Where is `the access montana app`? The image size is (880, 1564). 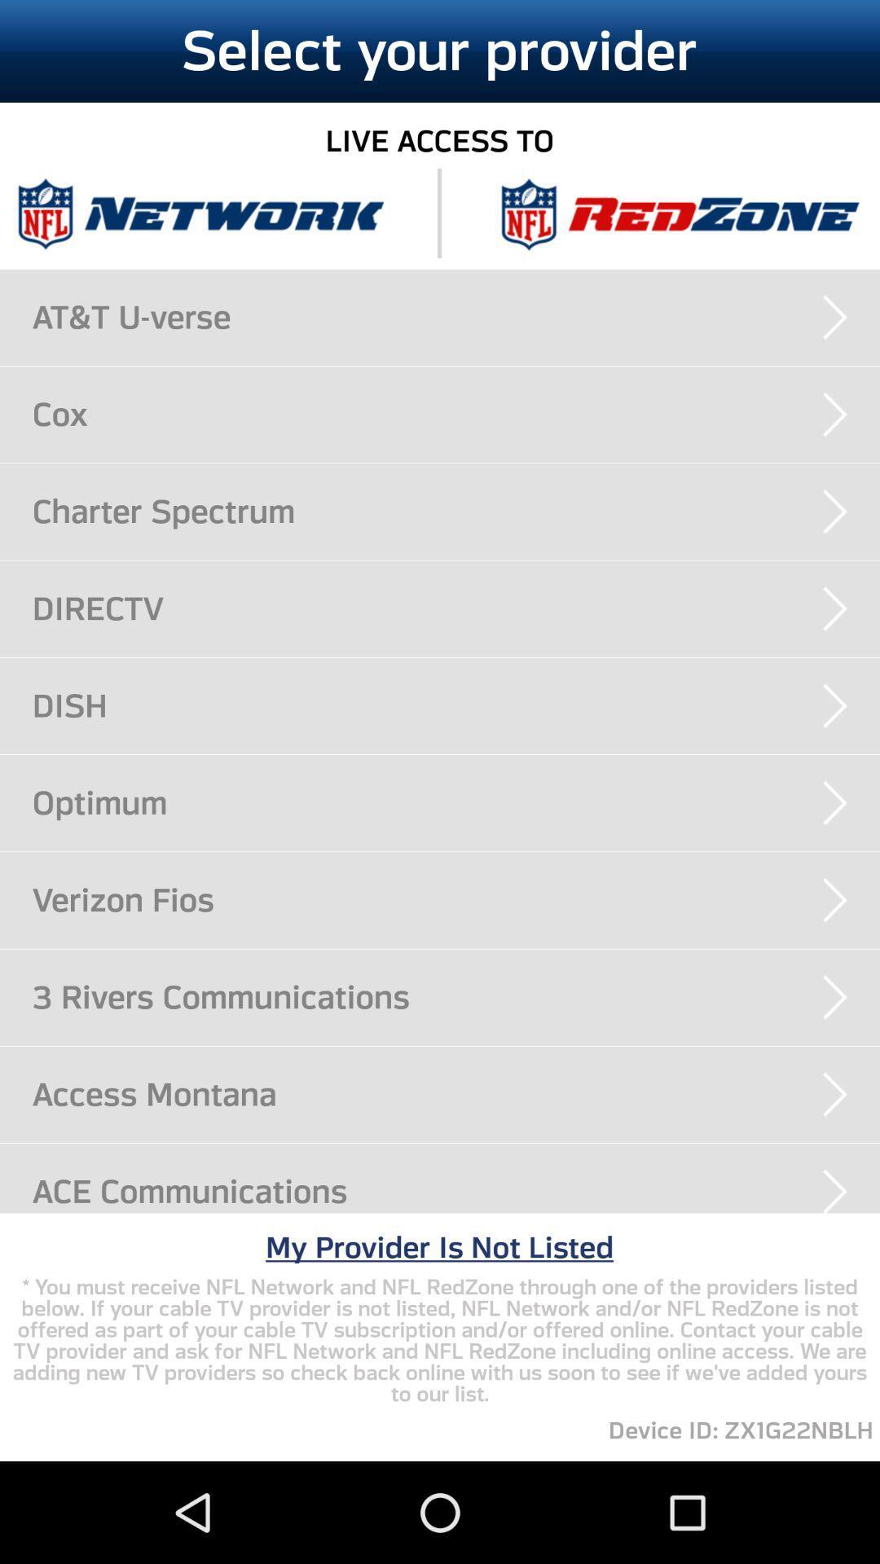 the access montana app is located at coordinates (455, 1094).